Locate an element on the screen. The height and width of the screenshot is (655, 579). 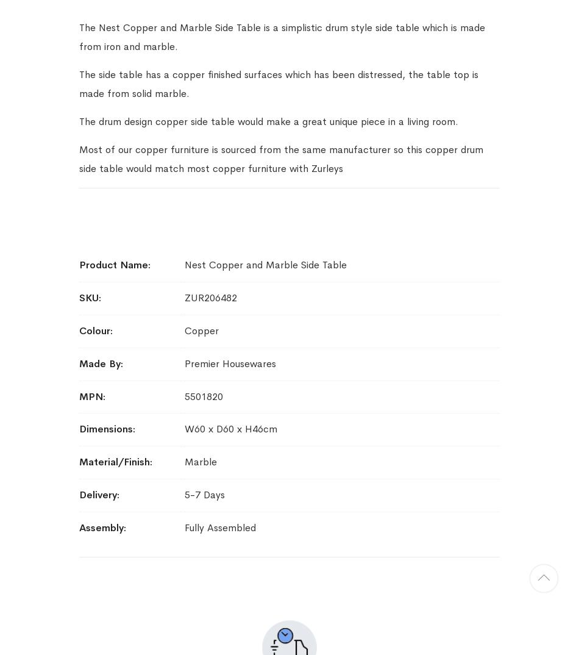
'ZUR206482' is located at coordinates (183, 298).